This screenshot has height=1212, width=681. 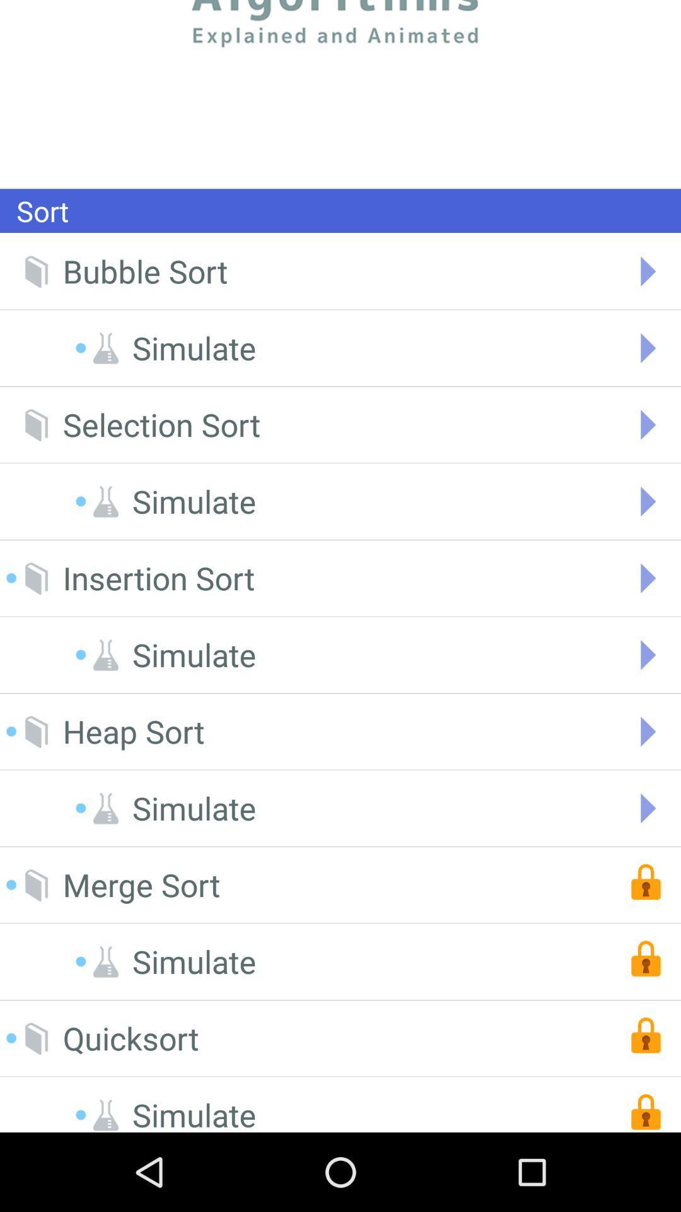 I want to click on the item above the sort, so click(x=340, y=93).